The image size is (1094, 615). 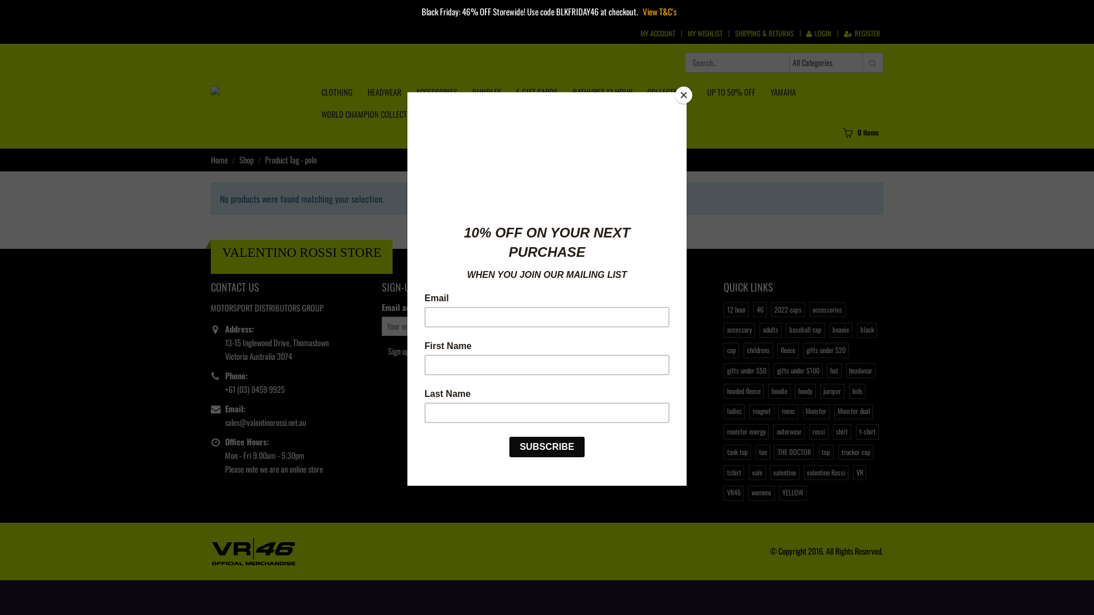 I want to click on 'WORLD CHAMPION COLLECTION', so click(x=315, y=114).